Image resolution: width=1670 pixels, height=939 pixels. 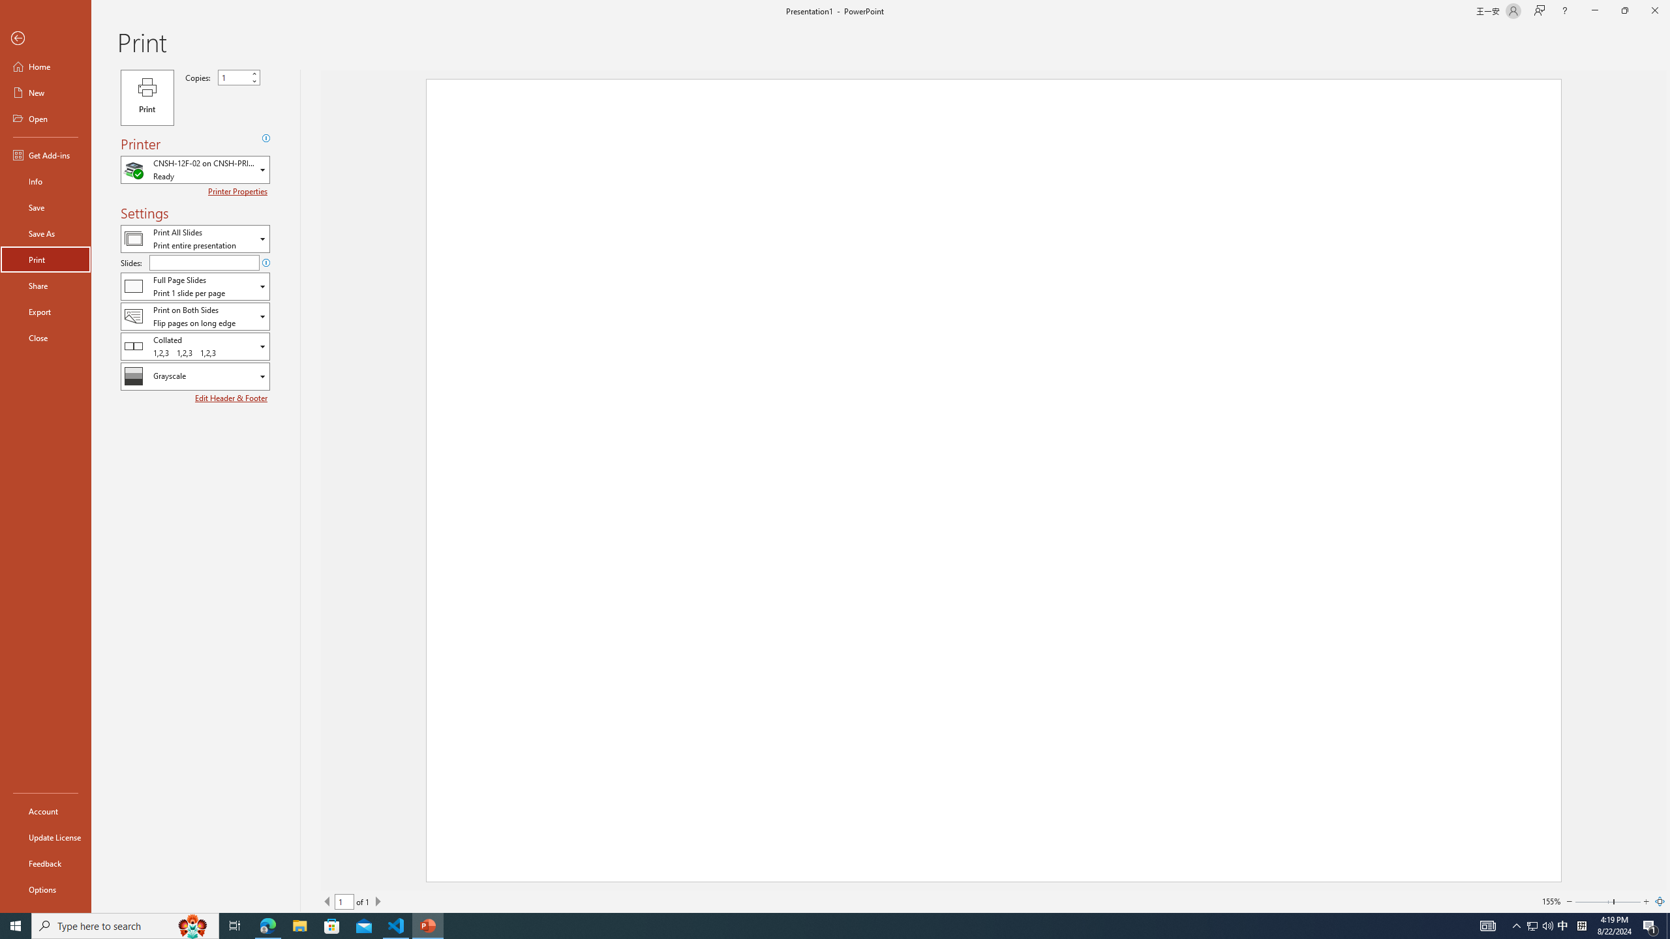 What do you see at coordinates (1593, 901) in the screenshot?
I see `'Page left'` at bounding box center [1593, 901].